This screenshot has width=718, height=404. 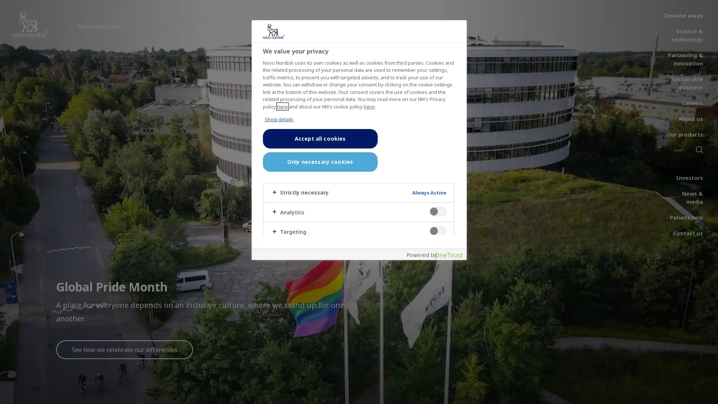 I want to click on Accept all cookies, so click(x=320, y=138).